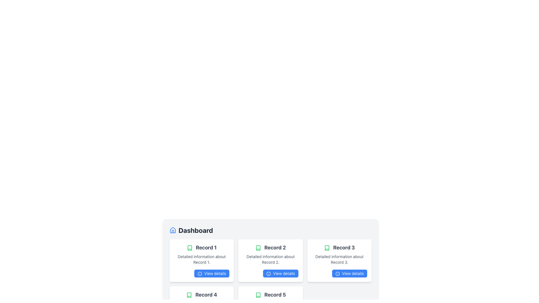  What do you see at coordinates (327, 248) in the screenshot?
I see `the green book icon representing the dashboard indicator located in the top-left corner of the 'Record 3' card` at bounding box center [327, 248].